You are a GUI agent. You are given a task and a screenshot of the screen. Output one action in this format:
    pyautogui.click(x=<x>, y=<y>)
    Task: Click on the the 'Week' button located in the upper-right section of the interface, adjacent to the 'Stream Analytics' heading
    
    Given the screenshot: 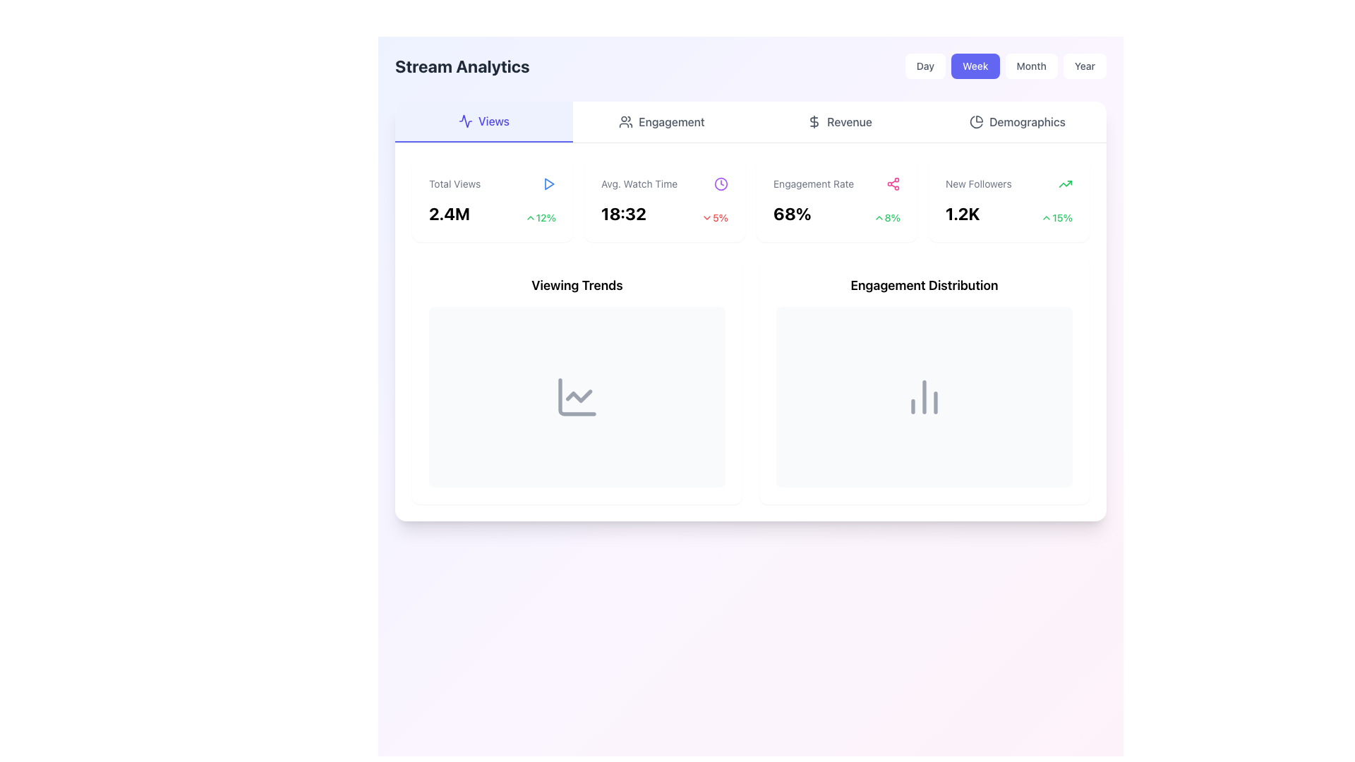 What is the action you would take?
    pyautogui.click(x=1005, y=66)
    